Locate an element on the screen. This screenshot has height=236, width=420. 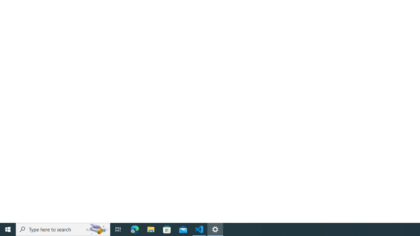
'Settings - 1 running window' is located at coordinates (215, 229).